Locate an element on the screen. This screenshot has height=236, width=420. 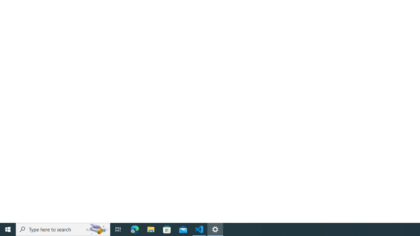
'Settings - 1 running window' is located at coordinates (215, 229).